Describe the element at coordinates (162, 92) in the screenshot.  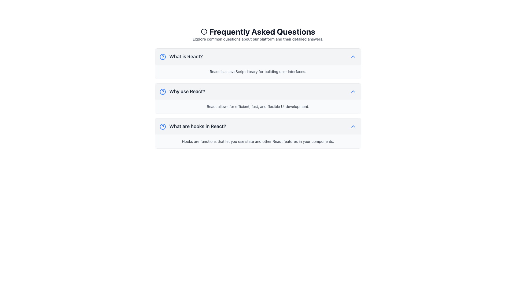
I see `the graphical icon that serves as a visual indicator associated with the text 'Why use React?', located adjacent to the text in the second item on the list` at that location.